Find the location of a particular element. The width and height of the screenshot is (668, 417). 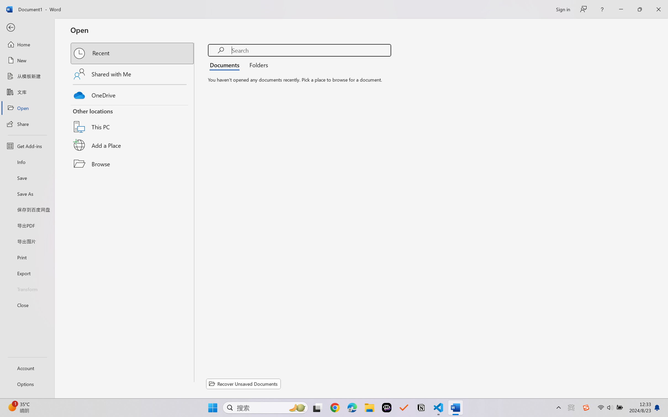

'Browse' is located at coordinates (132, 164).